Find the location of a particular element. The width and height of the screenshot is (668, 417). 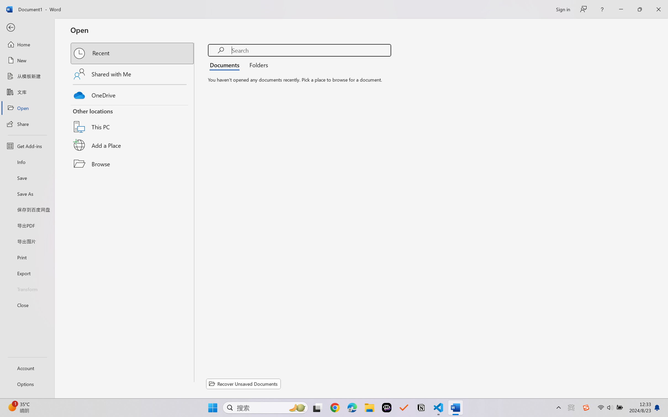

'Browse' is located at coordinates (132, 164).